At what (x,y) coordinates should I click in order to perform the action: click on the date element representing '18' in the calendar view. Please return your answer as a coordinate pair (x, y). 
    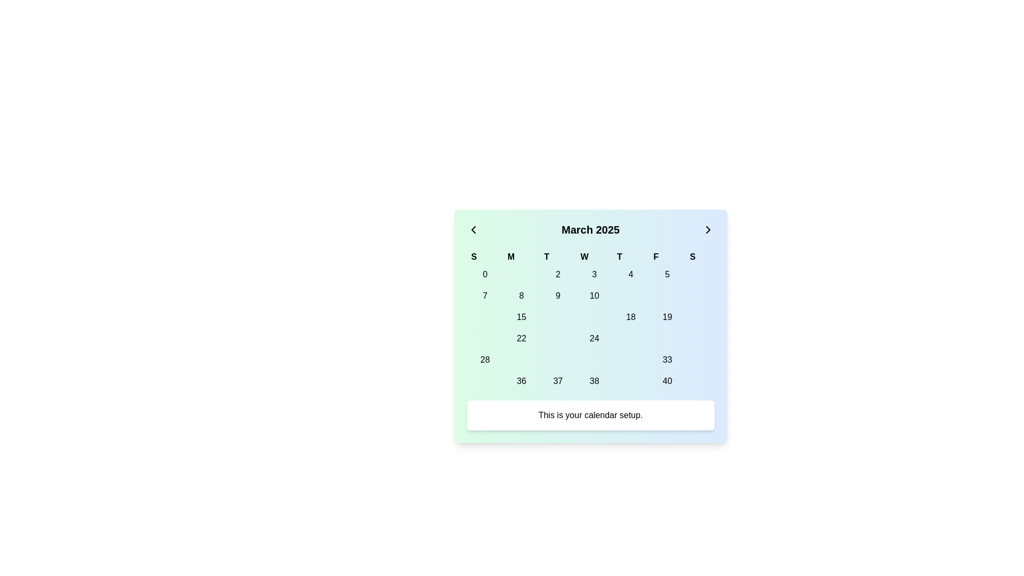
    Looking at the image, I should click on (631, 316).